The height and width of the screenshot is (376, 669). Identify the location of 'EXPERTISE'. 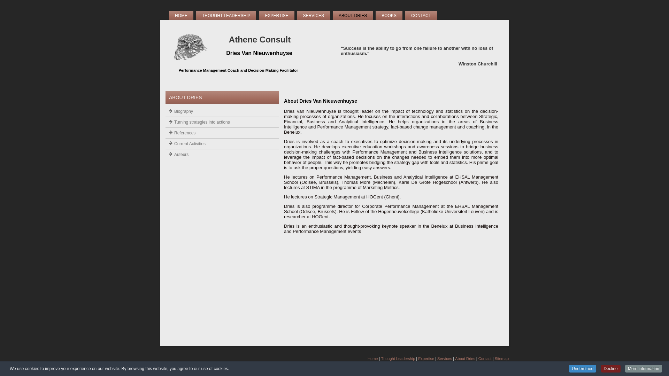
(276, 16).